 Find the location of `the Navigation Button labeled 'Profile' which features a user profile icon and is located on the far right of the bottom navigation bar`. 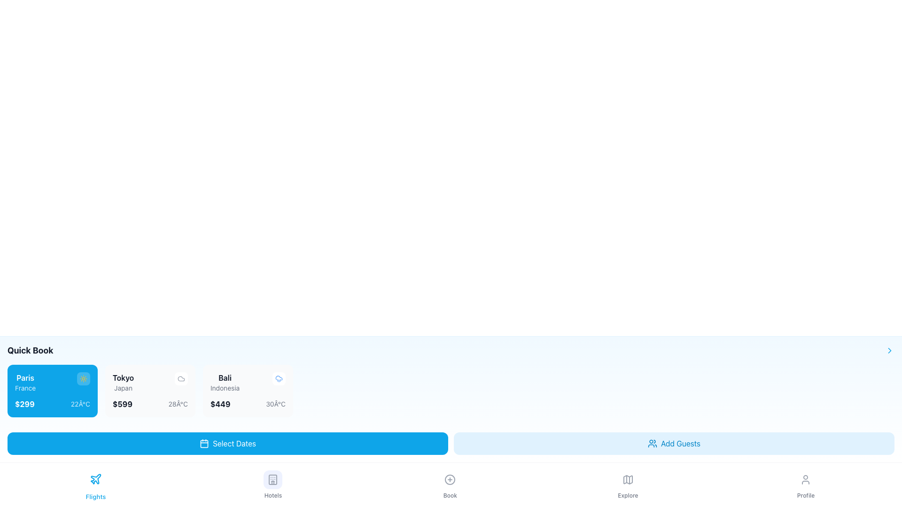

the Navigation Button labeled 'Profile' which features a user profile icon and is located on the far right of the bottom navigation bar is located at coordinates (805, 485).